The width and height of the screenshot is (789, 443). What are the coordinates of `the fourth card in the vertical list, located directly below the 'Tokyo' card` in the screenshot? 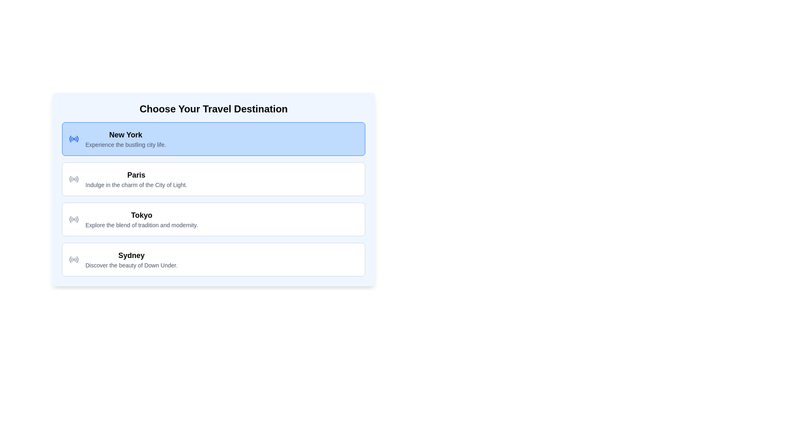 It's located at (213, 259).